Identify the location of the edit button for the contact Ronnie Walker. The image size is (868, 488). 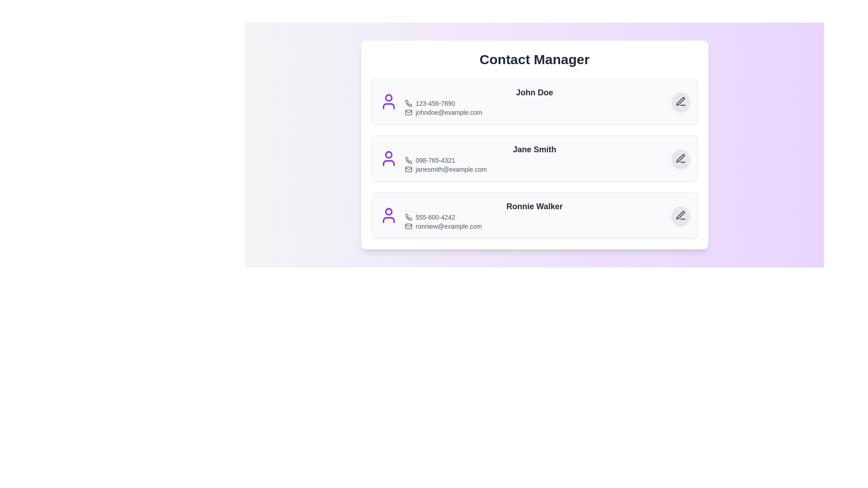
(680, 216).